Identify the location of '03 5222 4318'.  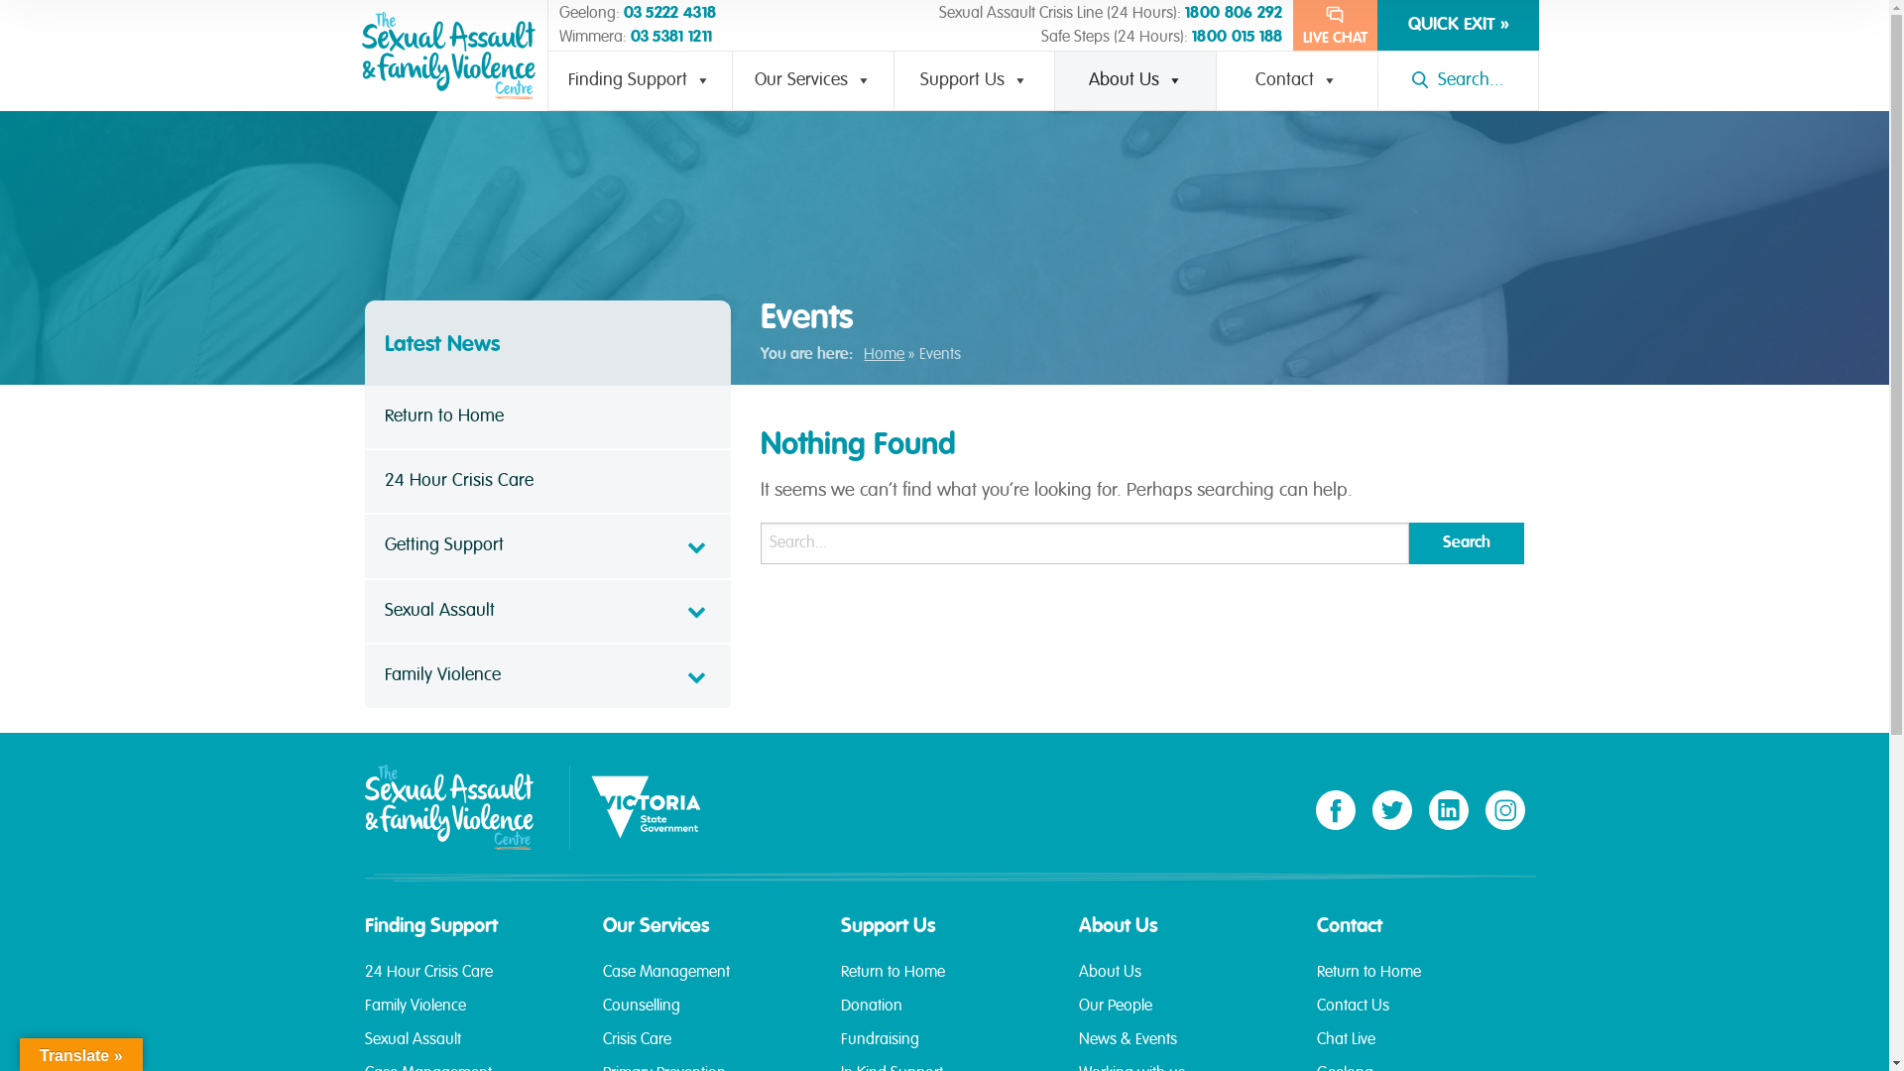
(622, 14).